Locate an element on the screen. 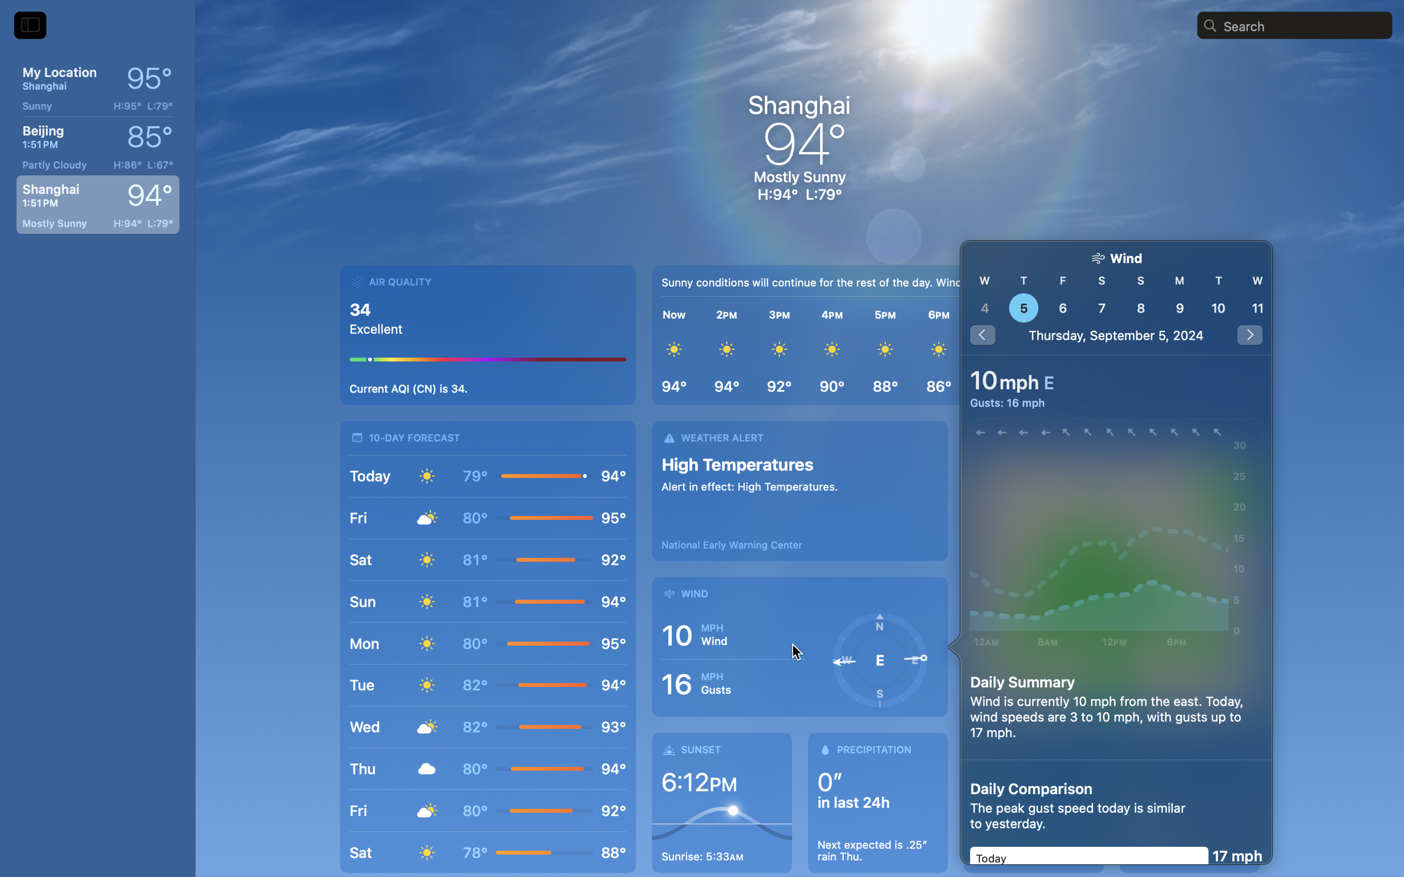  'nan' is located at coordinates (1116, 298).